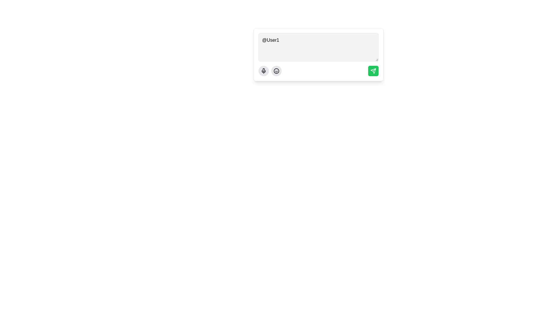  Describe the element at coordinates (270, 71) in the screenshot. I see `the microphone icon located on the left side of the row of interactive icons below the input text box` at that location.